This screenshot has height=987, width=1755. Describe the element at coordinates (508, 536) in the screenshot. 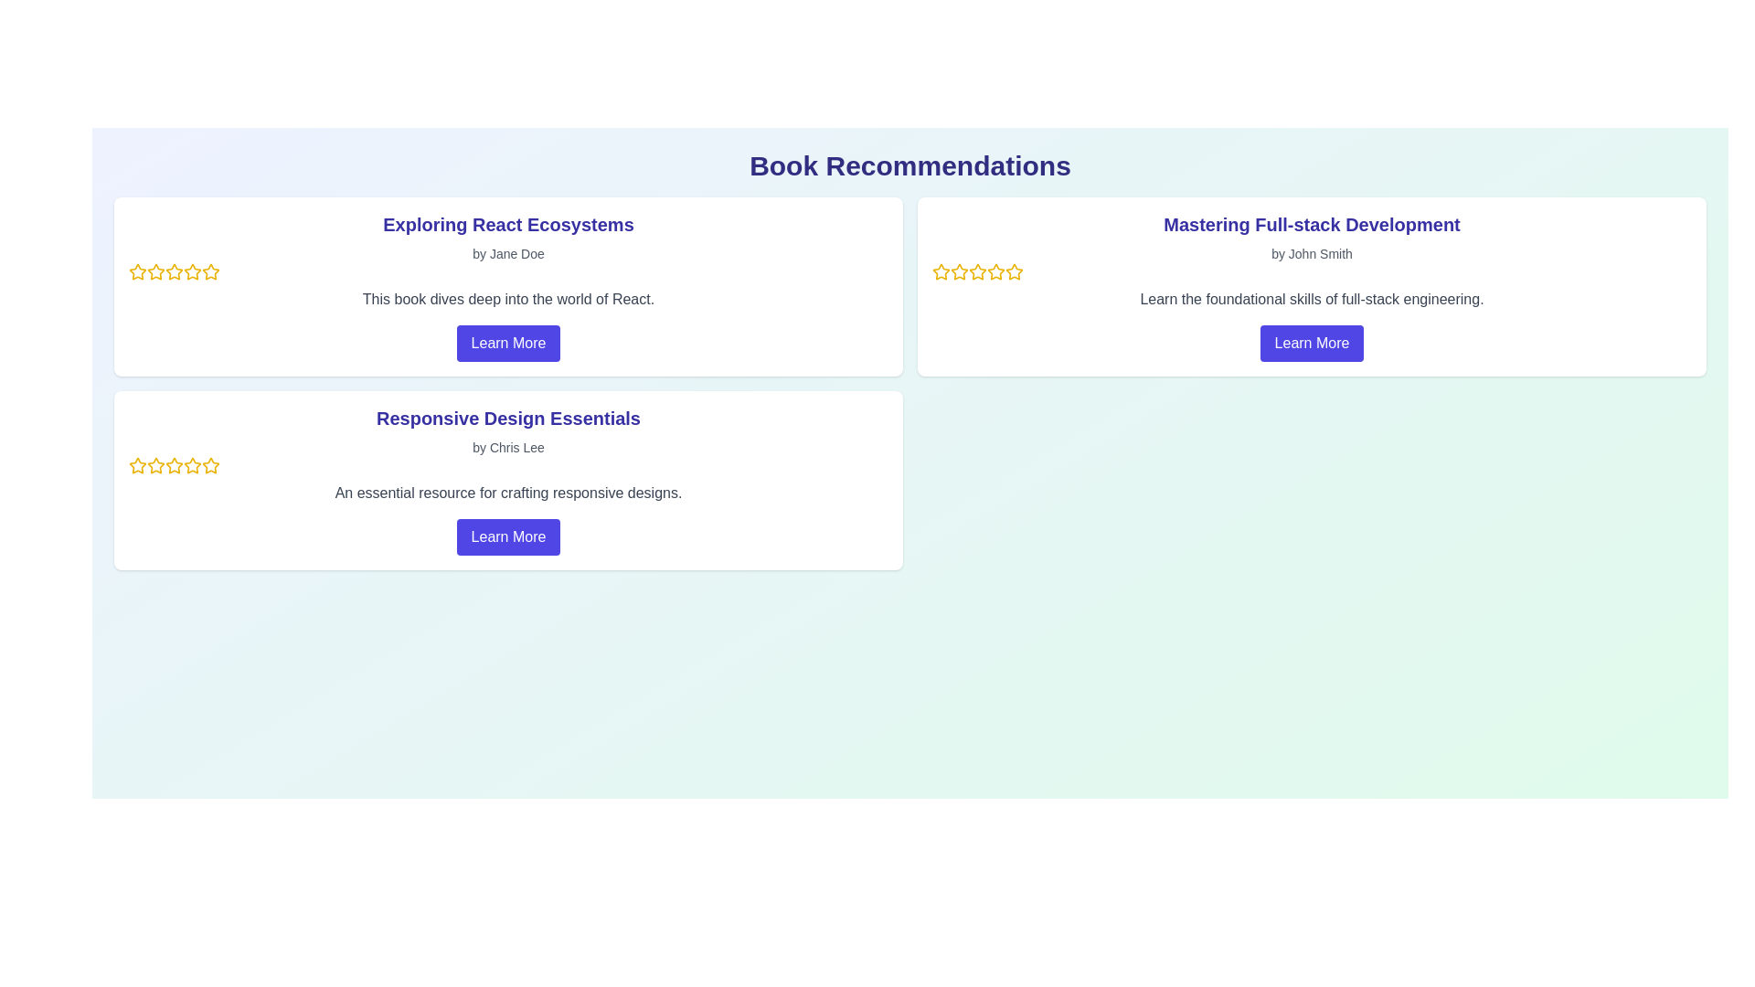

I see `the button located at the bottom of the card layout for the book 'Responsive Design Essentials' by Chris Lee` at that location.